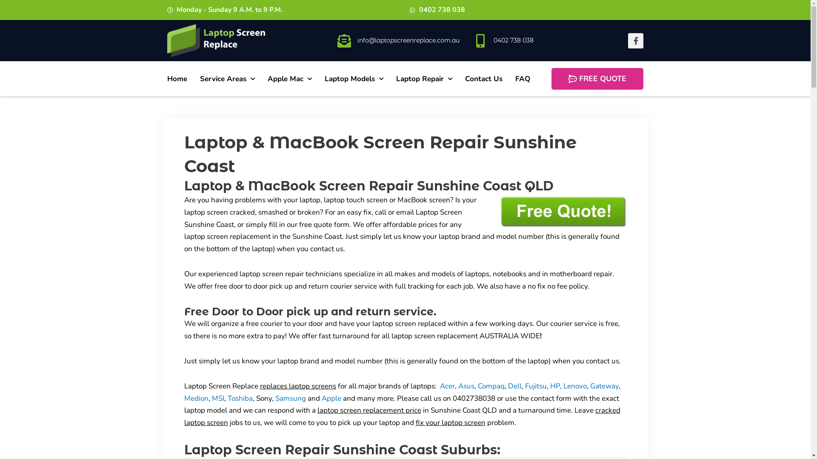 This screenshot has width=817, height=459. What do you see at coordinates (290, 398) in the screenshot?
I see `'Samsung'` at bounding box center [290, 398].